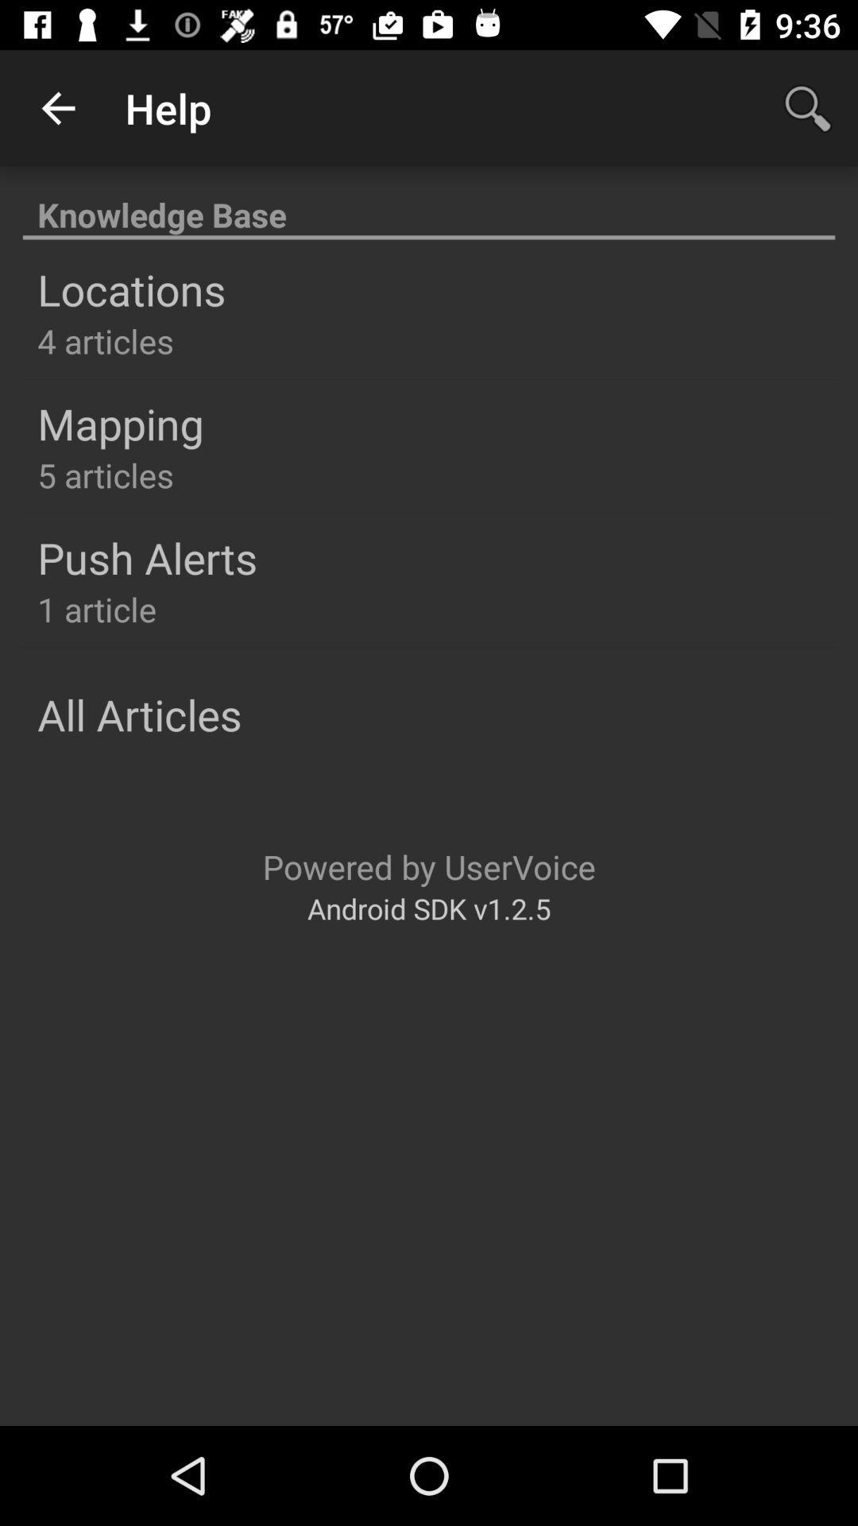  I want to click on item below push alerts item, so click(97, 608).